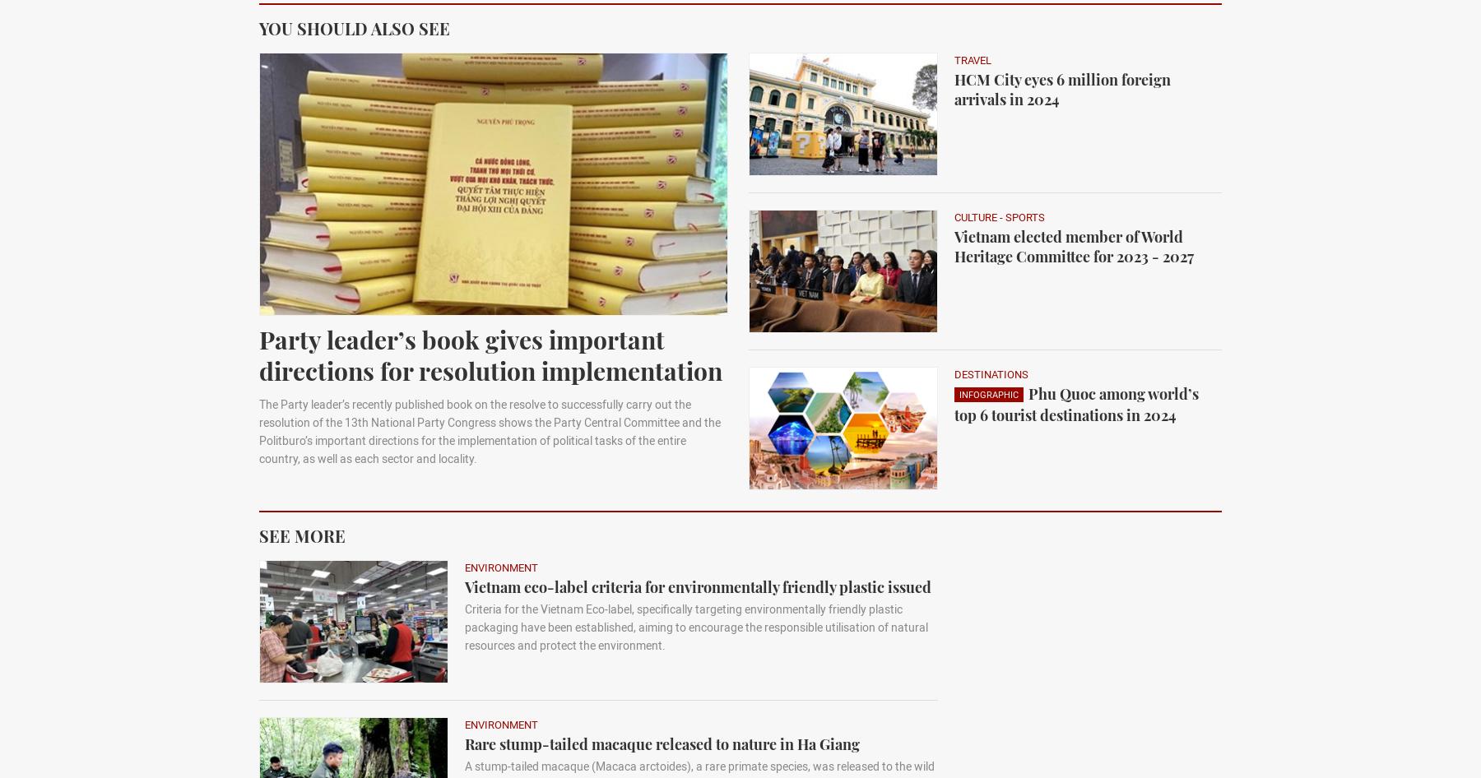  I want to click on 'You should also see', so click(354, 27).